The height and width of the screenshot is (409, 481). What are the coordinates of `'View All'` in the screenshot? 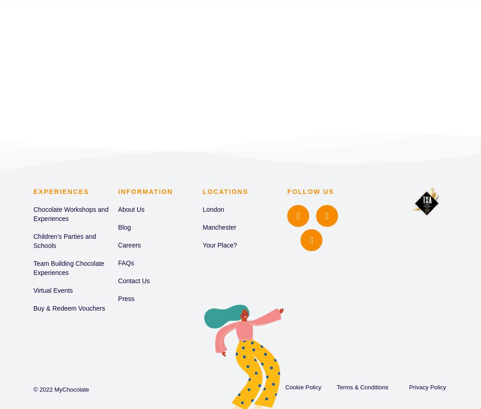 It's located at (185, 69).